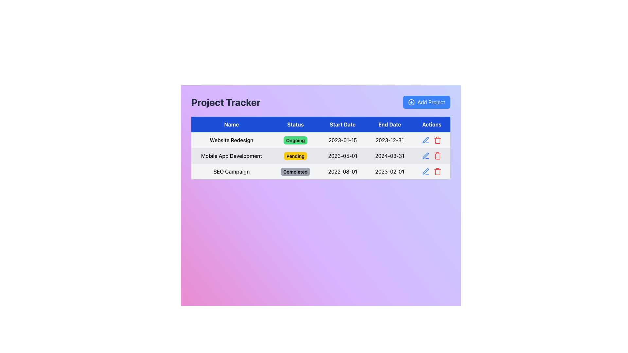 This screenshot has height=353, width=628. I want to click on text displayed in the static Text Display element located in the fifth column of the first row of the 'Project Tracker' interface, which shows the end date of the project 'Website Redesign', so click(390, 140).